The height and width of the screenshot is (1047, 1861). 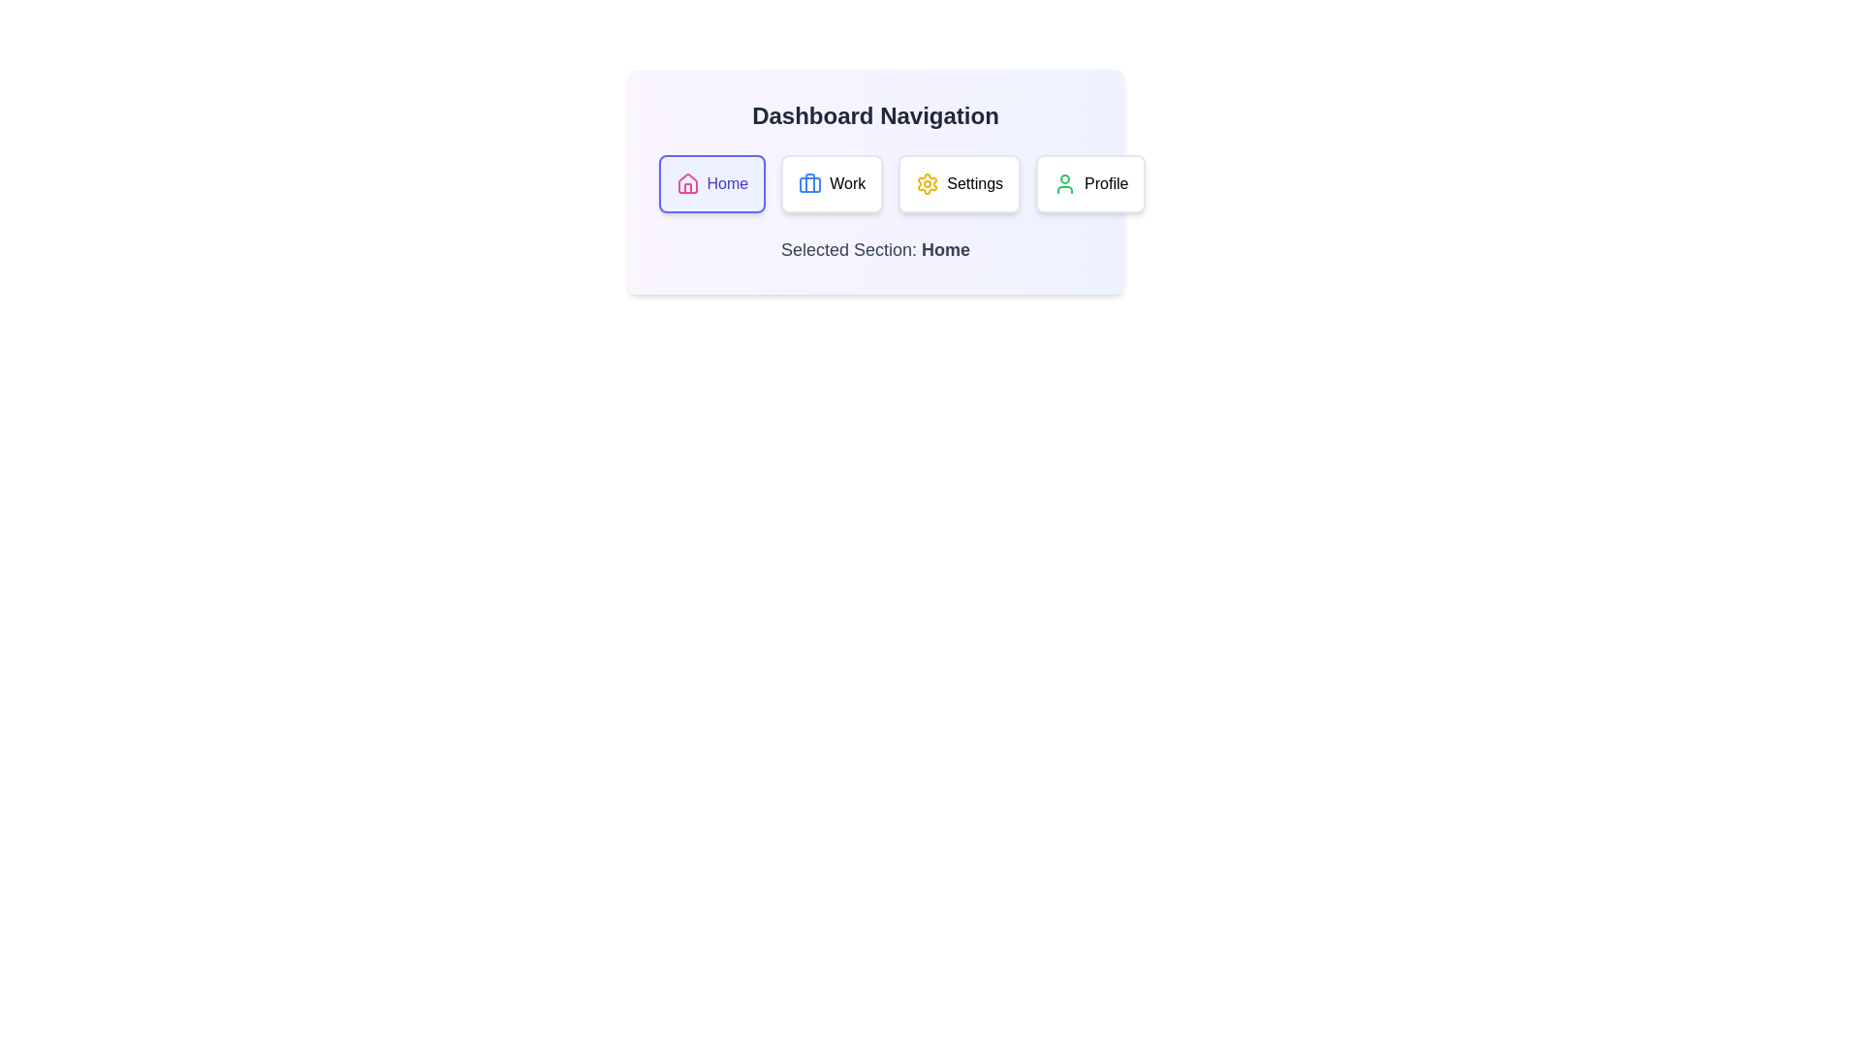 What do you see at coordinates (1106, 183) in the screenshot?
I see `text content of the 'Profile' navigation link located in the horizontal navigation bar, positioned to the right of the green profile icon` at bounding box center [1106, 183].